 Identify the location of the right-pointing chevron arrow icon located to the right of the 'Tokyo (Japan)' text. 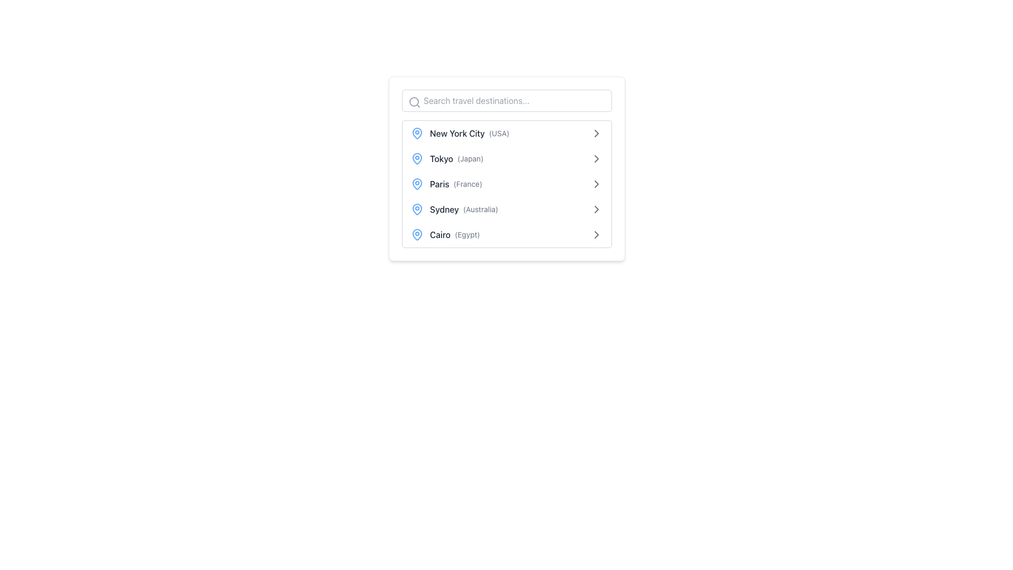
(597, 158).